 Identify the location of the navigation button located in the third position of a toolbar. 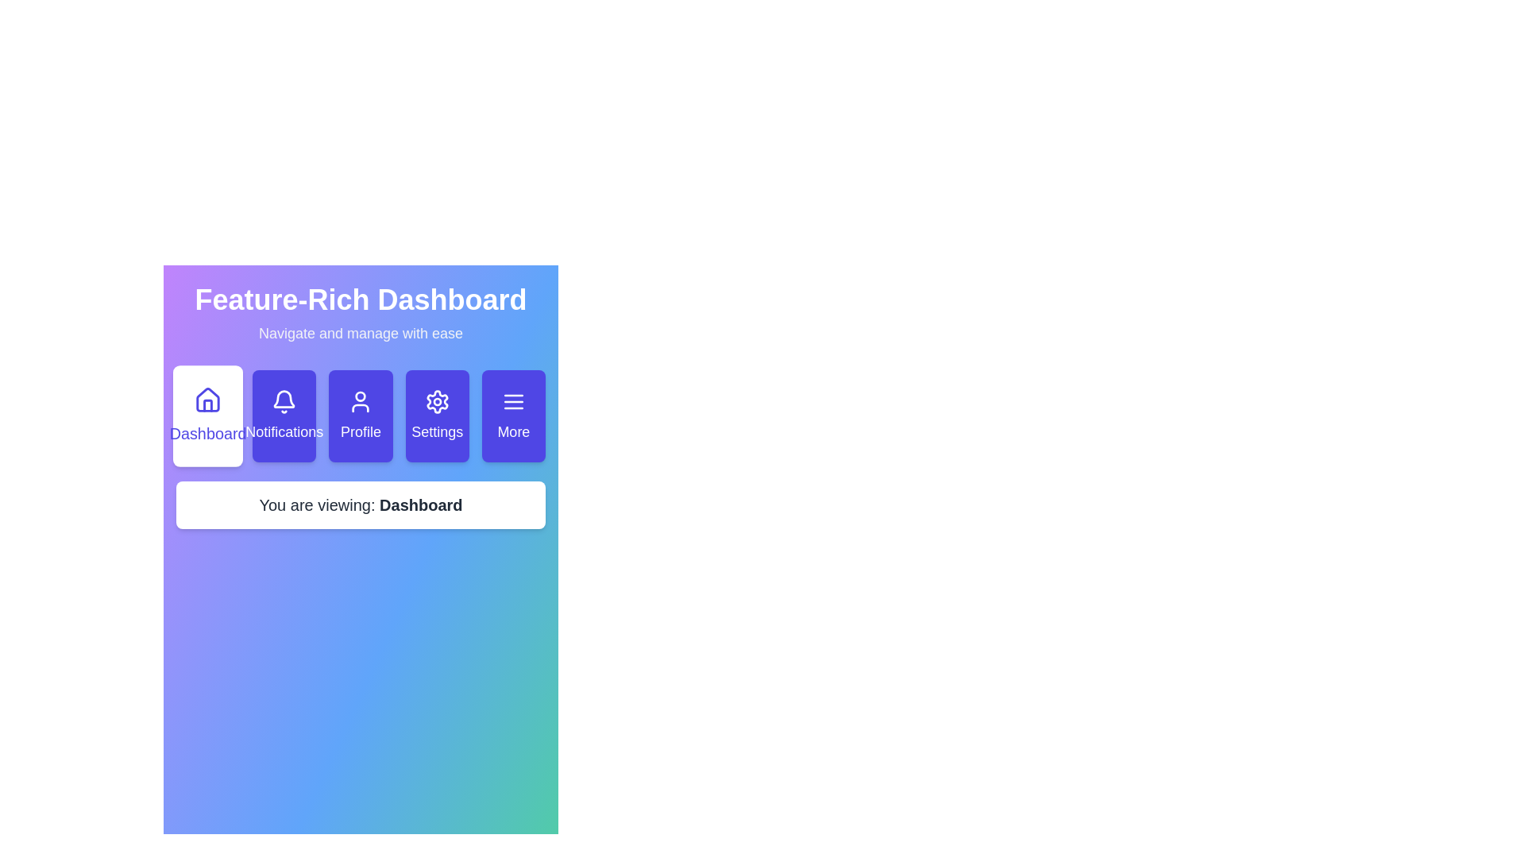
(360, 415).